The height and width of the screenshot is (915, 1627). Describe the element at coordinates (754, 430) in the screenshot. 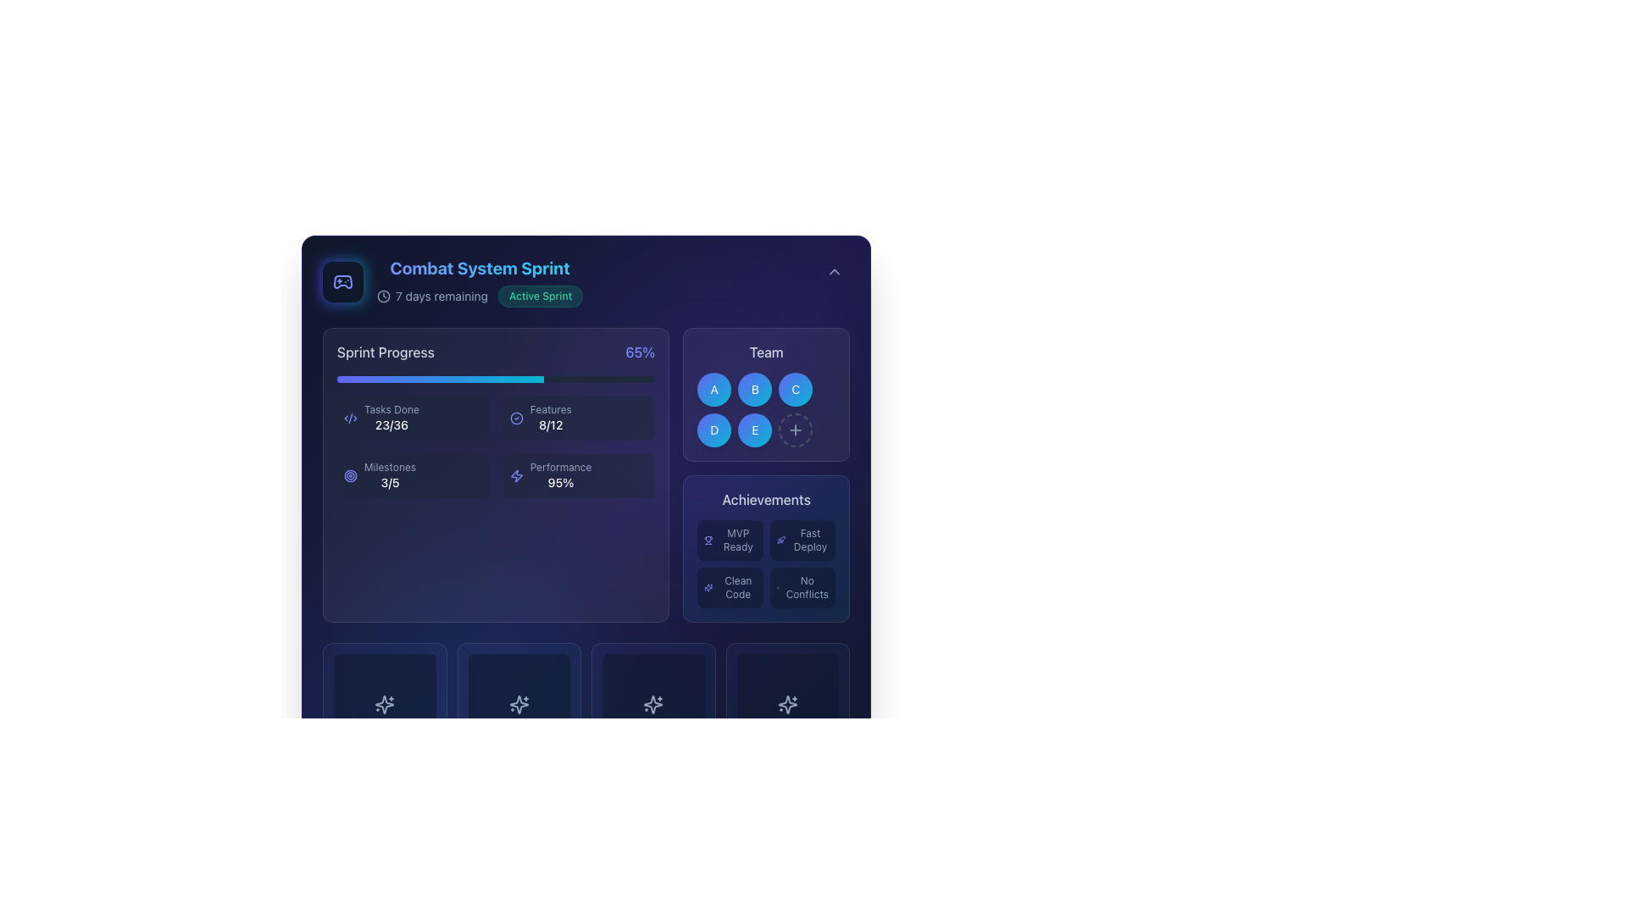

I see `the circular button labeled 'E' located in the 'Team' section of the interface` at that location.